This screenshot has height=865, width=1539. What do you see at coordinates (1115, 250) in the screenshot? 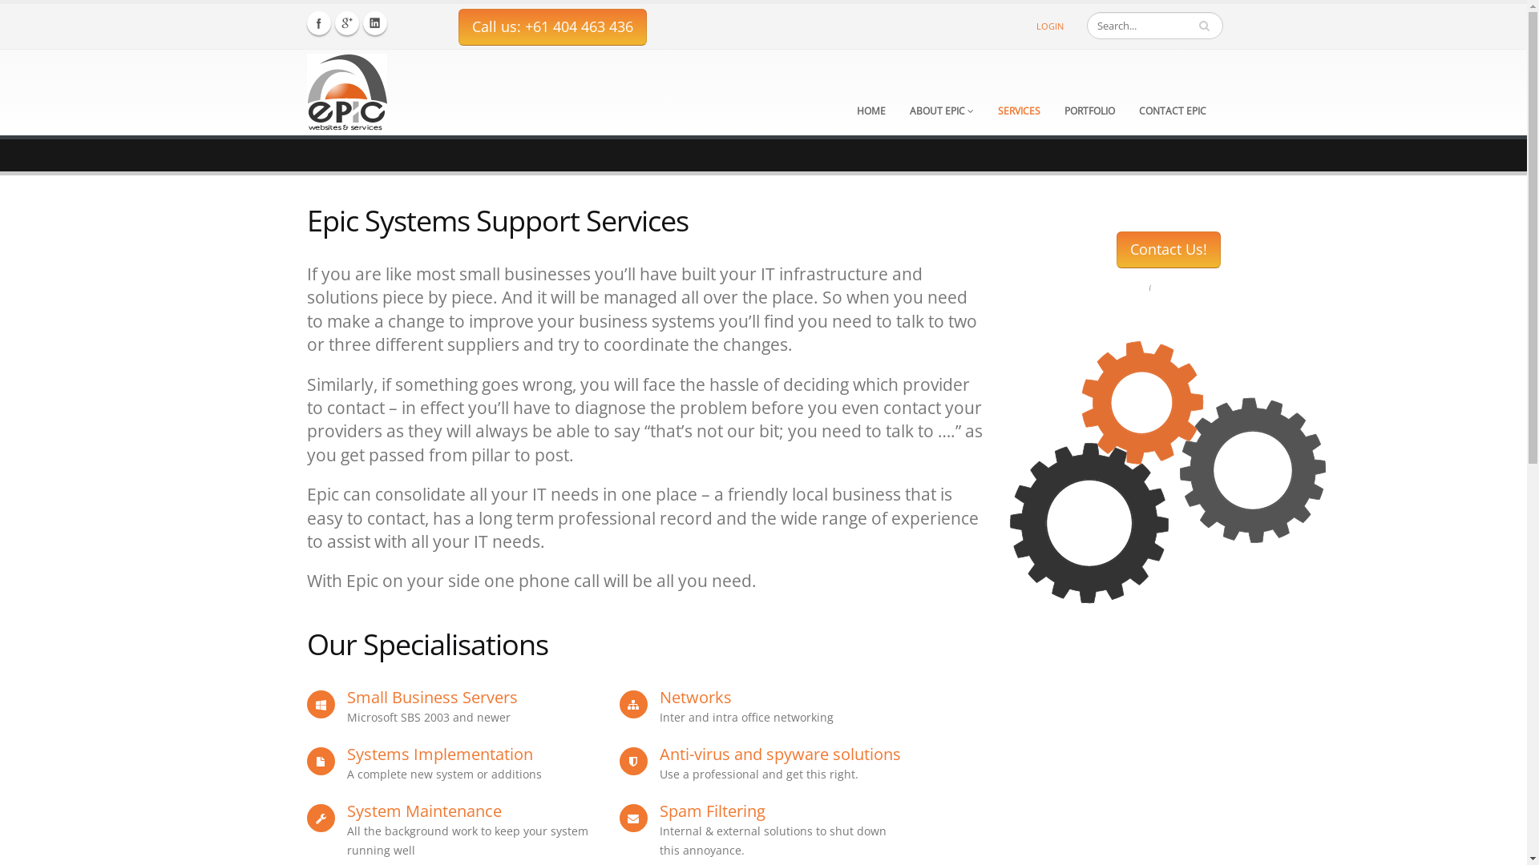
I see `'Contact Us!'` at bounding box center [1115, 250].